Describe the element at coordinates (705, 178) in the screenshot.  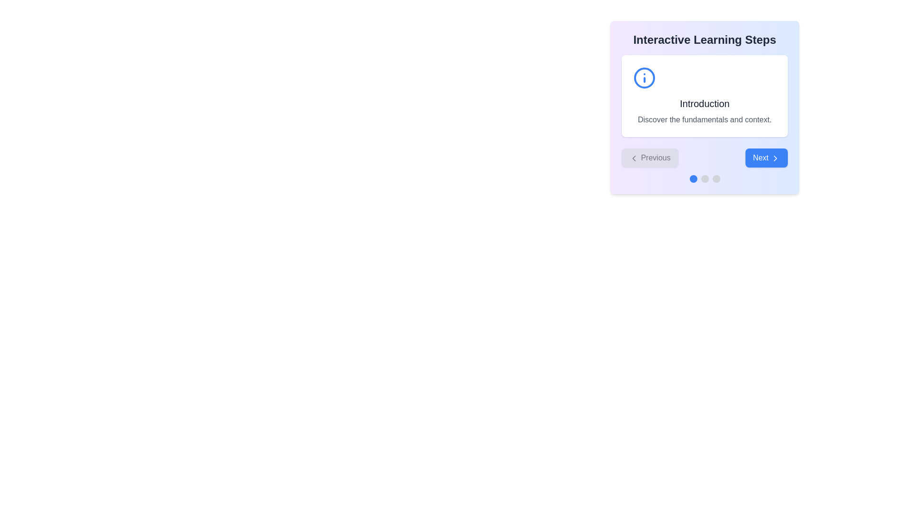
I see `the blue circle of the Step indicator` at that location.